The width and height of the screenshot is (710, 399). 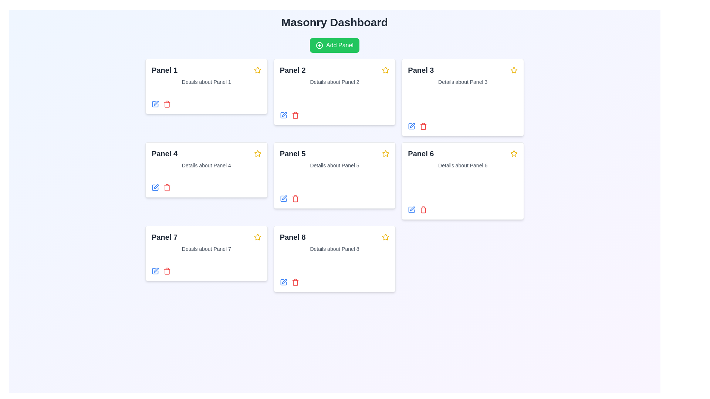 I want to click on the Panel titled 'Panel 3', so click(x=462, y=97).